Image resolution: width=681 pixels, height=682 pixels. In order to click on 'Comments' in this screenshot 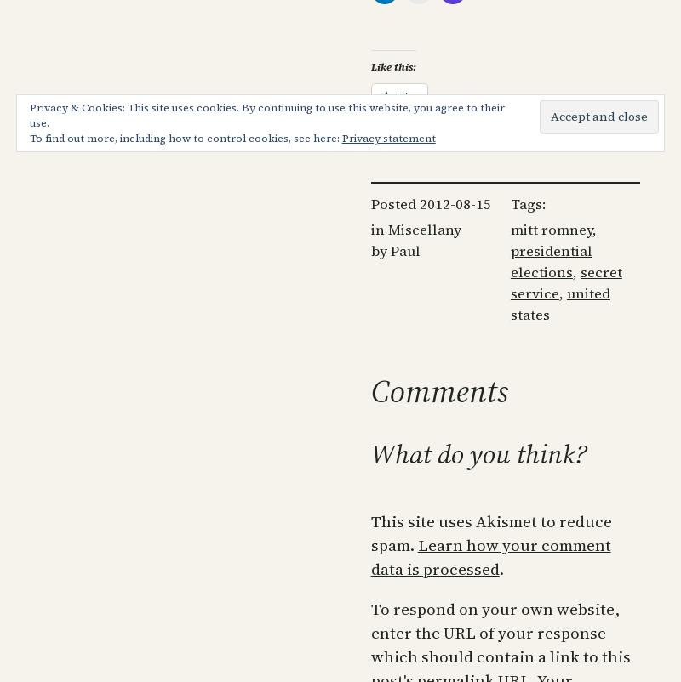, I will do `click(438, 390)`.